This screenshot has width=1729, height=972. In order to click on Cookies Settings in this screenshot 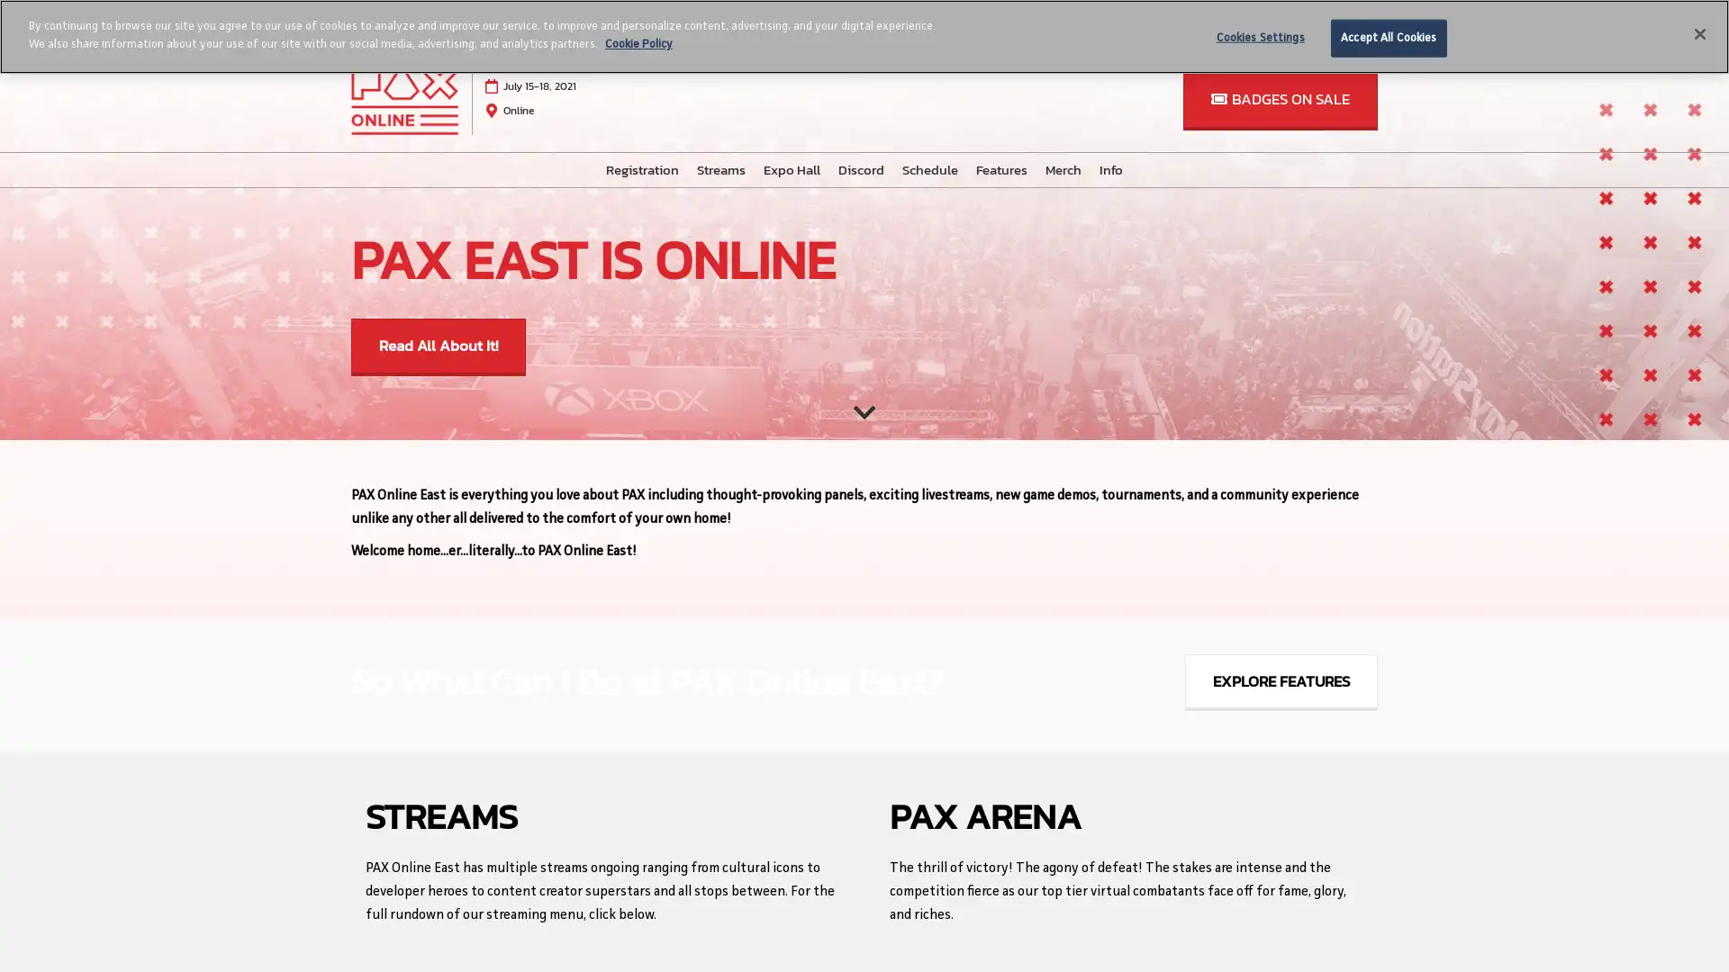, I will do `click(1259, 38)`.